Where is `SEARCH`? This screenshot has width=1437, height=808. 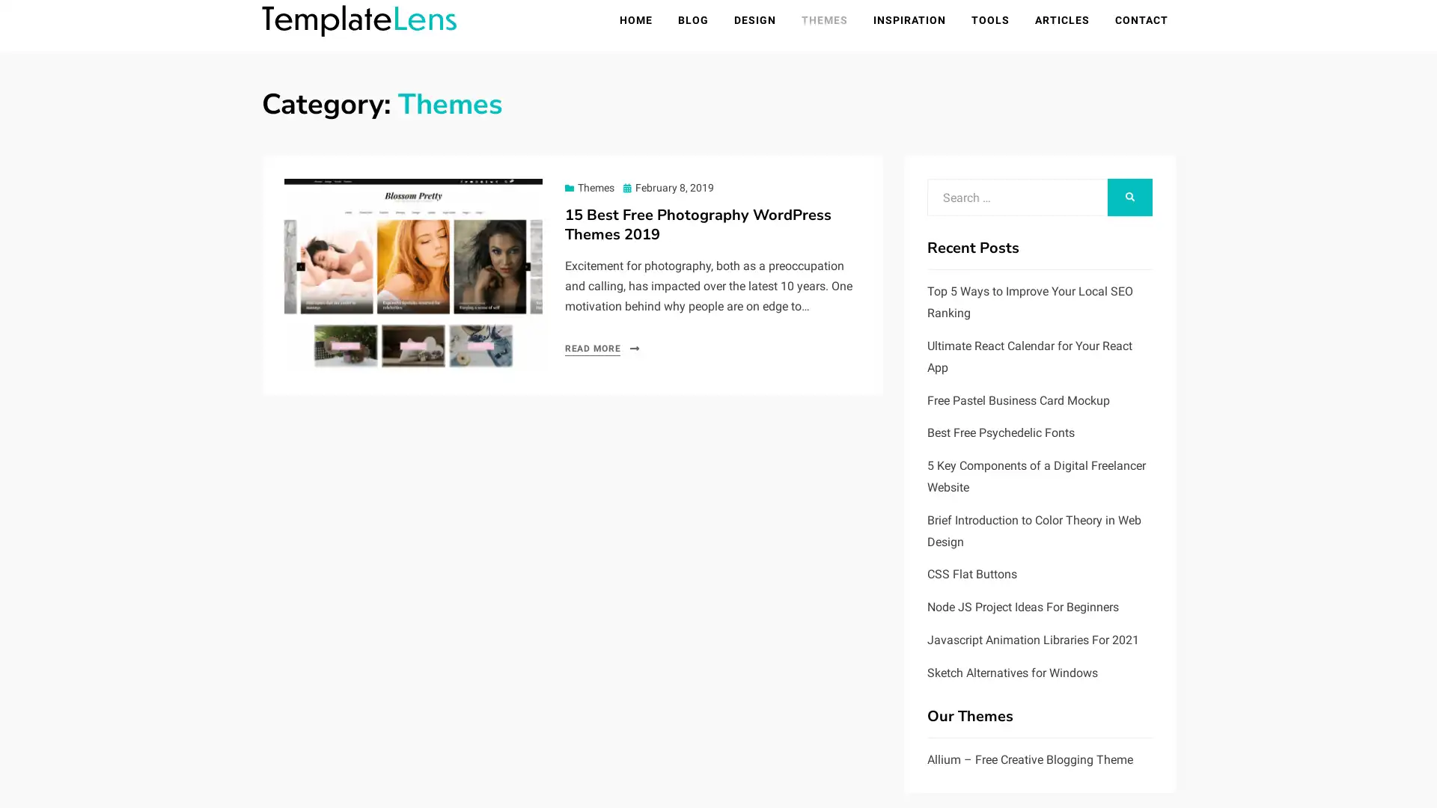 SEARCH is located at coordinates (1130, 198).